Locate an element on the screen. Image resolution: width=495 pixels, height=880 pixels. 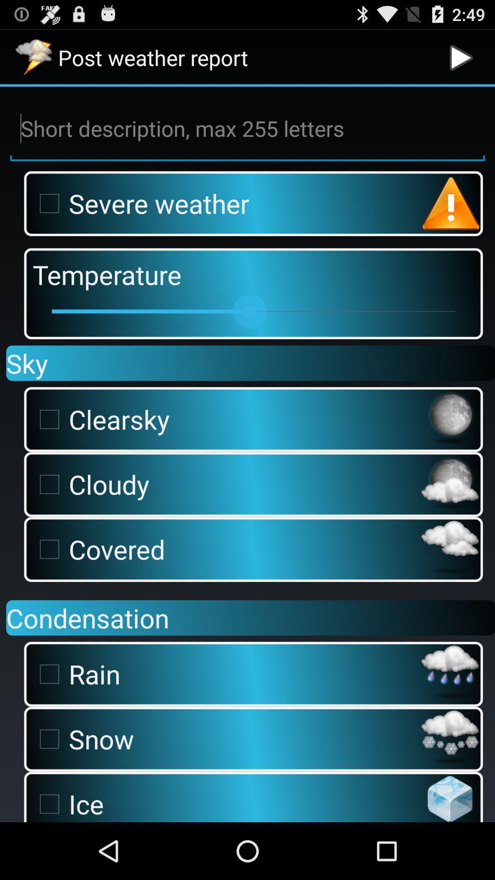
the clearsky item is located at coordinates (224, 419).